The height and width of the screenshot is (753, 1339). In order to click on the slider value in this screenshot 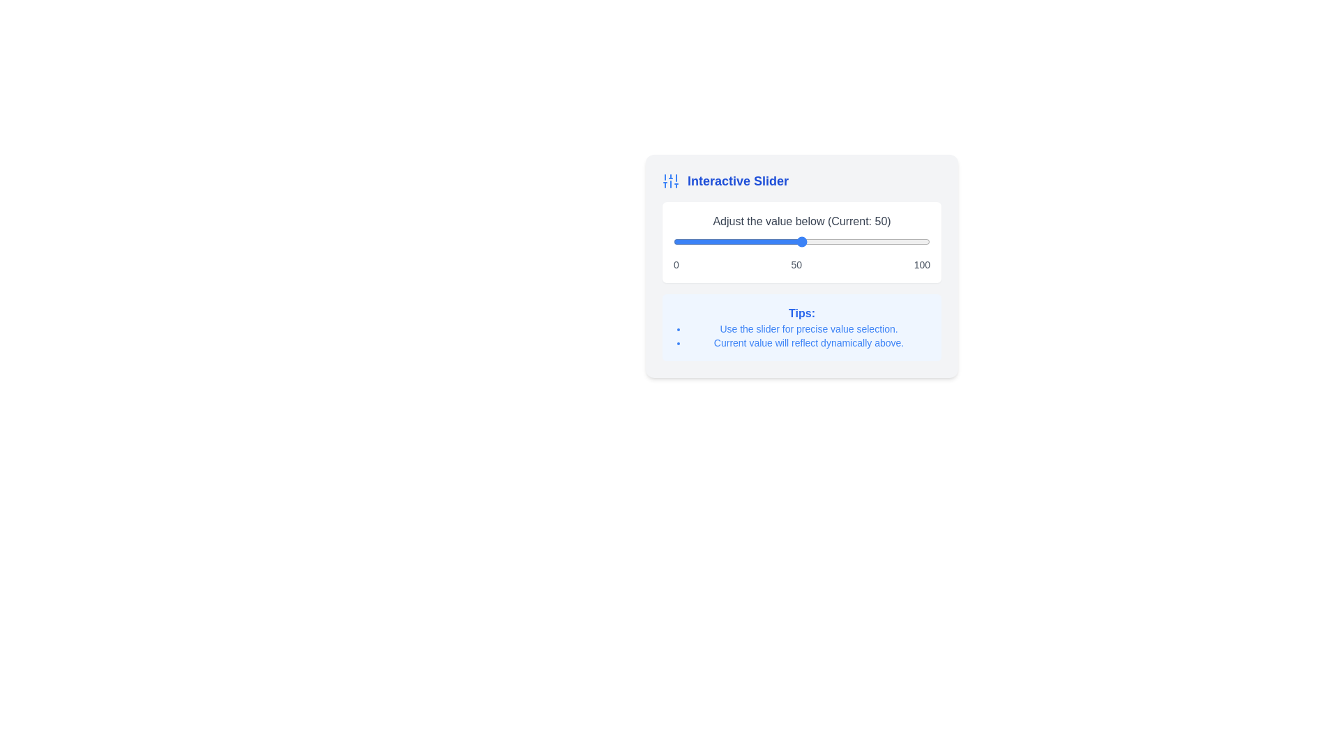, I will do `click(842, 241)`.